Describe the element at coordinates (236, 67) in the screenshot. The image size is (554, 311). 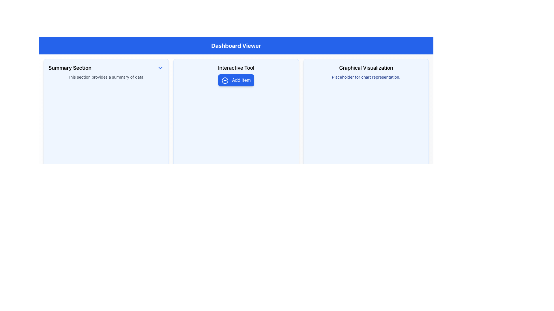
I see `the text label that serves as a title or header for its containing section, positioned above the 'Add Item' button in the Dashboard Viewer section` at that location.